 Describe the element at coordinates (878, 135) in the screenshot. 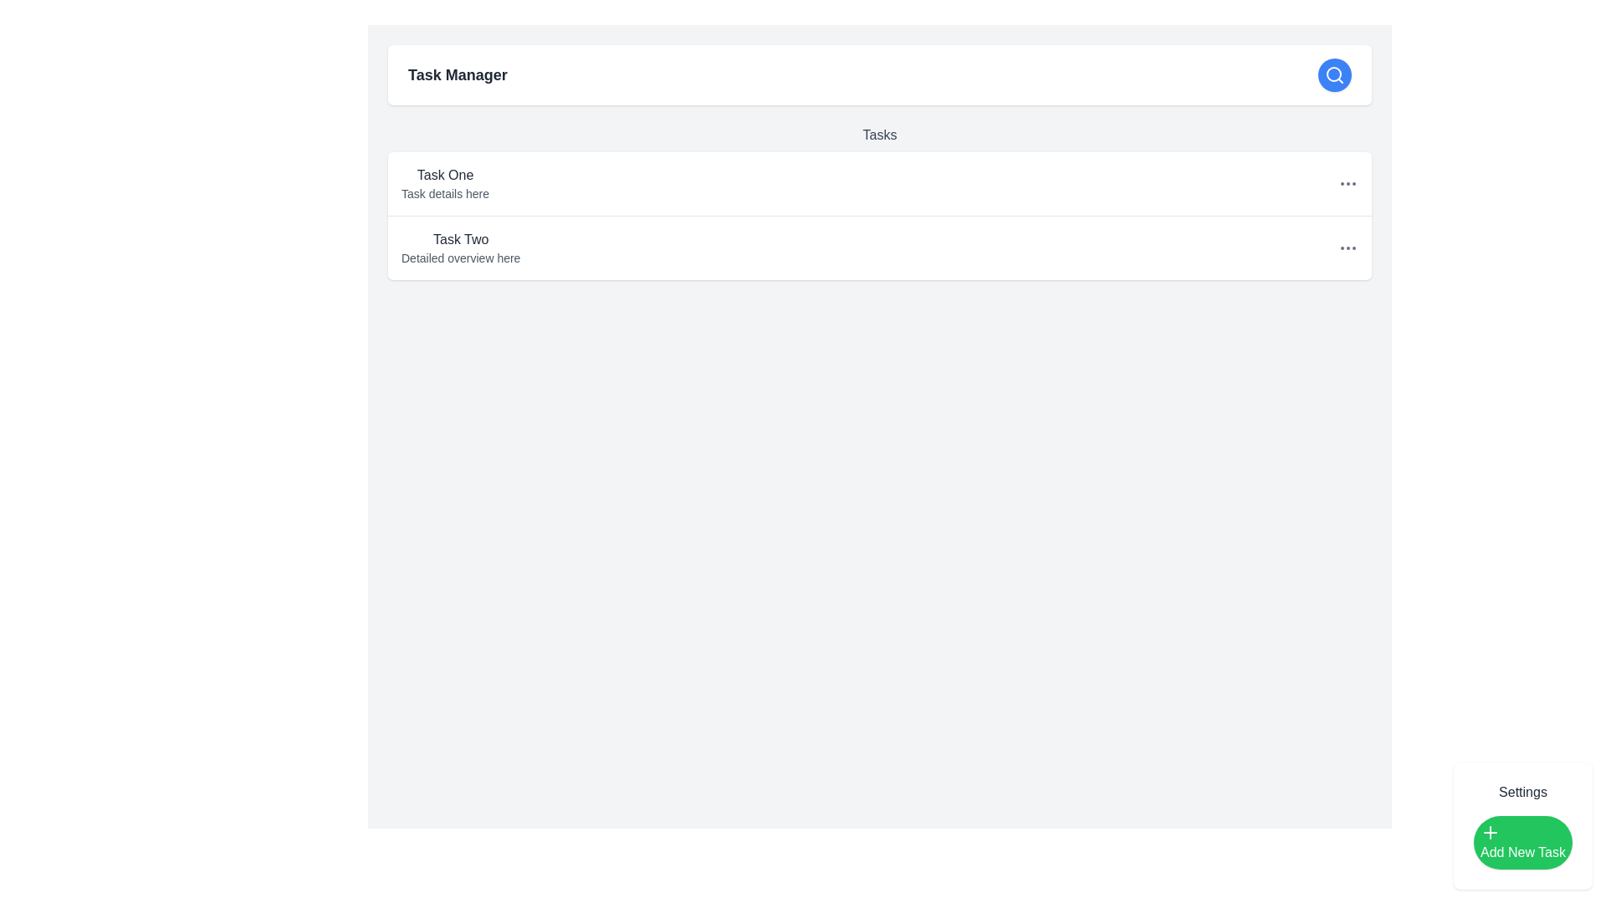

I see `the Text label that serves as a title for the tasks section, located below the 'Task Manager' header` at that location.